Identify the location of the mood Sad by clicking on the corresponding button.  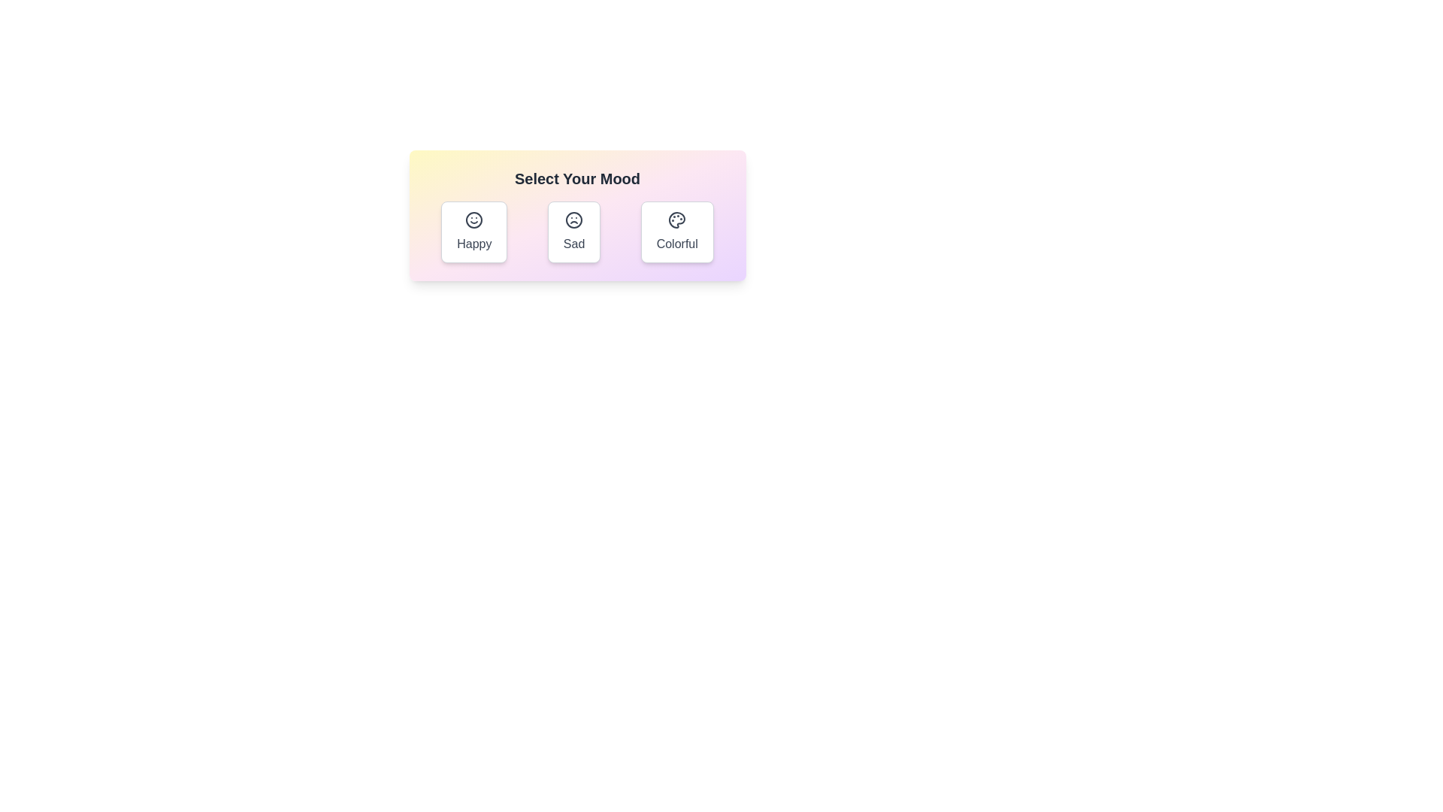
(573, 232).